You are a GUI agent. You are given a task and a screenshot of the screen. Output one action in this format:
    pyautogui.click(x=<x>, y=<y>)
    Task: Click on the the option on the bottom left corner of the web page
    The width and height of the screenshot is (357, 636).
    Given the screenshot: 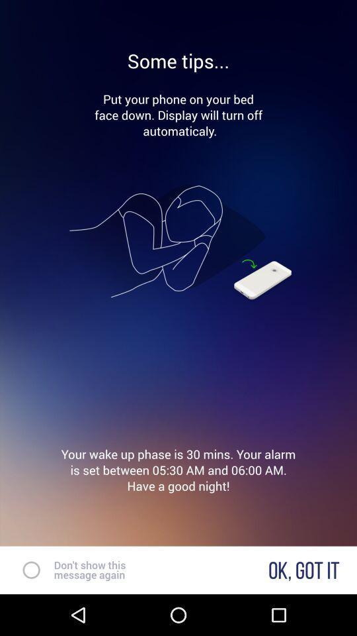 What is the action you would take?
    pyautogui.click(x=25, y=570)
    